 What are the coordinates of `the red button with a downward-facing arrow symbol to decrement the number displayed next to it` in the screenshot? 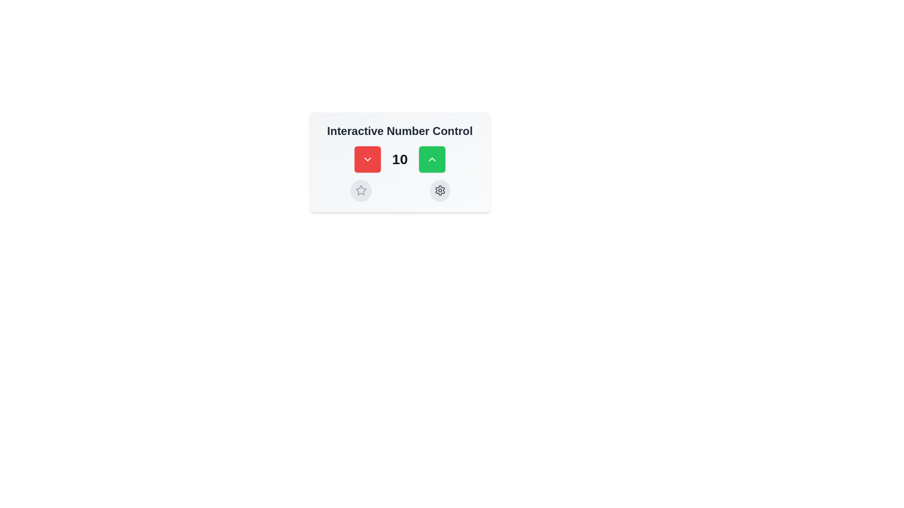 It's located at (367, 159).